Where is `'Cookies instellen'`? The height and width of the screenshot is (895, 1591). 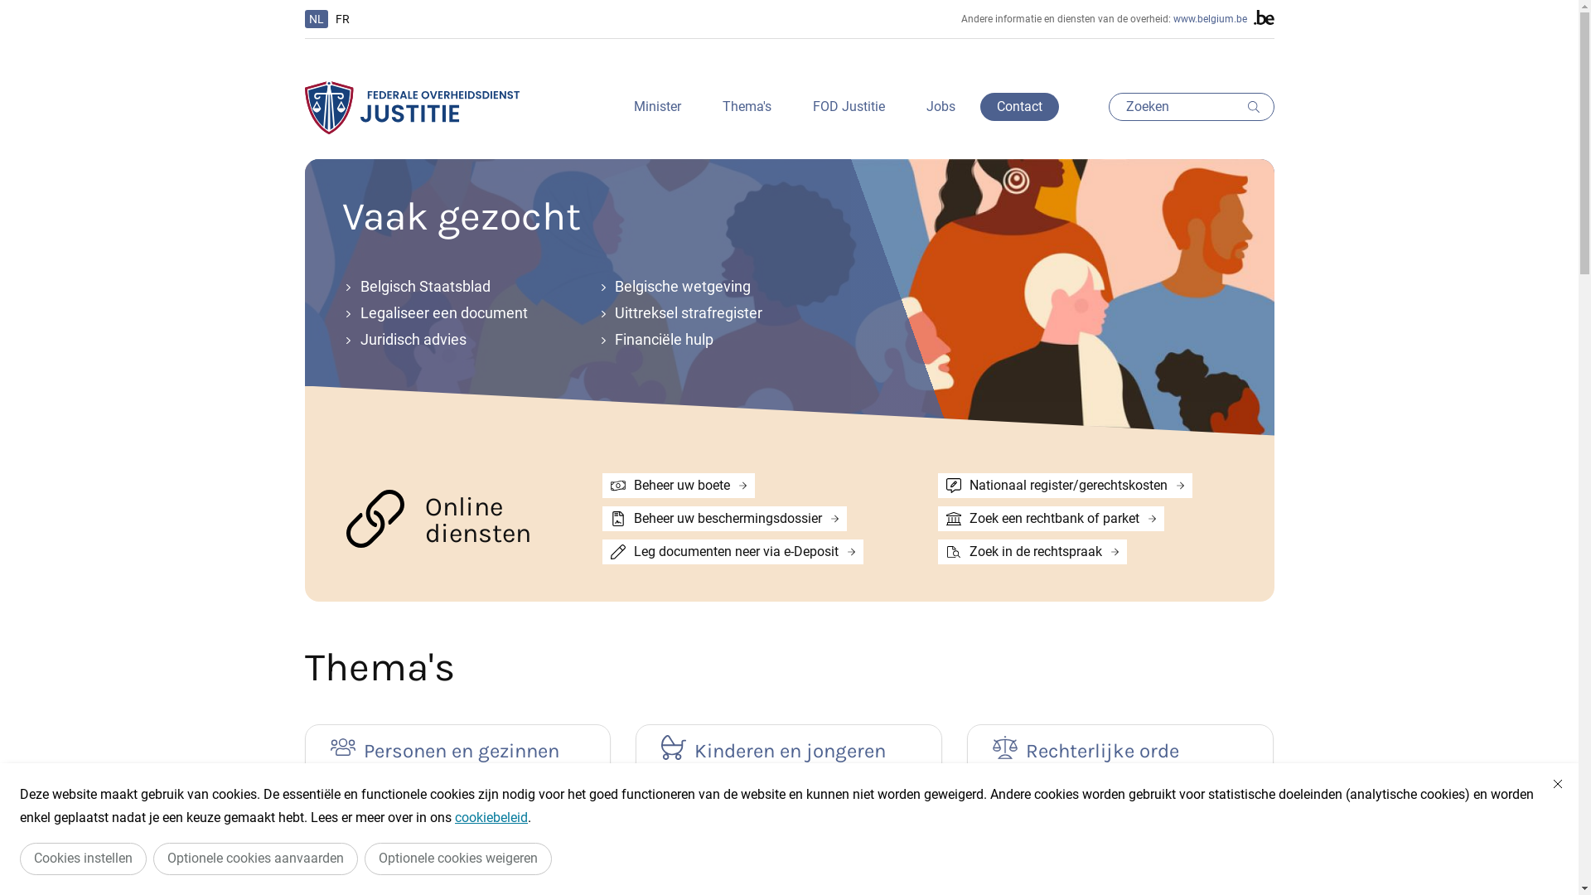 'Cookies instellen' is located at coordinates (82, 858).